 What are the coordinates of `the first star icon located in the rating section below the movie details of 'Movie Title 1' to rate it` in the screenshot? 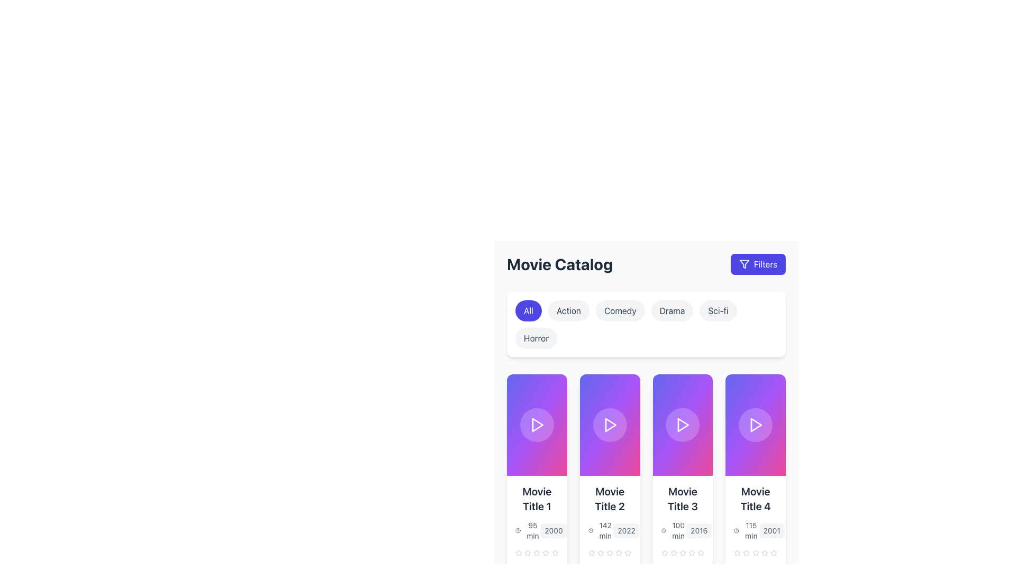 It's located at (546, 552).